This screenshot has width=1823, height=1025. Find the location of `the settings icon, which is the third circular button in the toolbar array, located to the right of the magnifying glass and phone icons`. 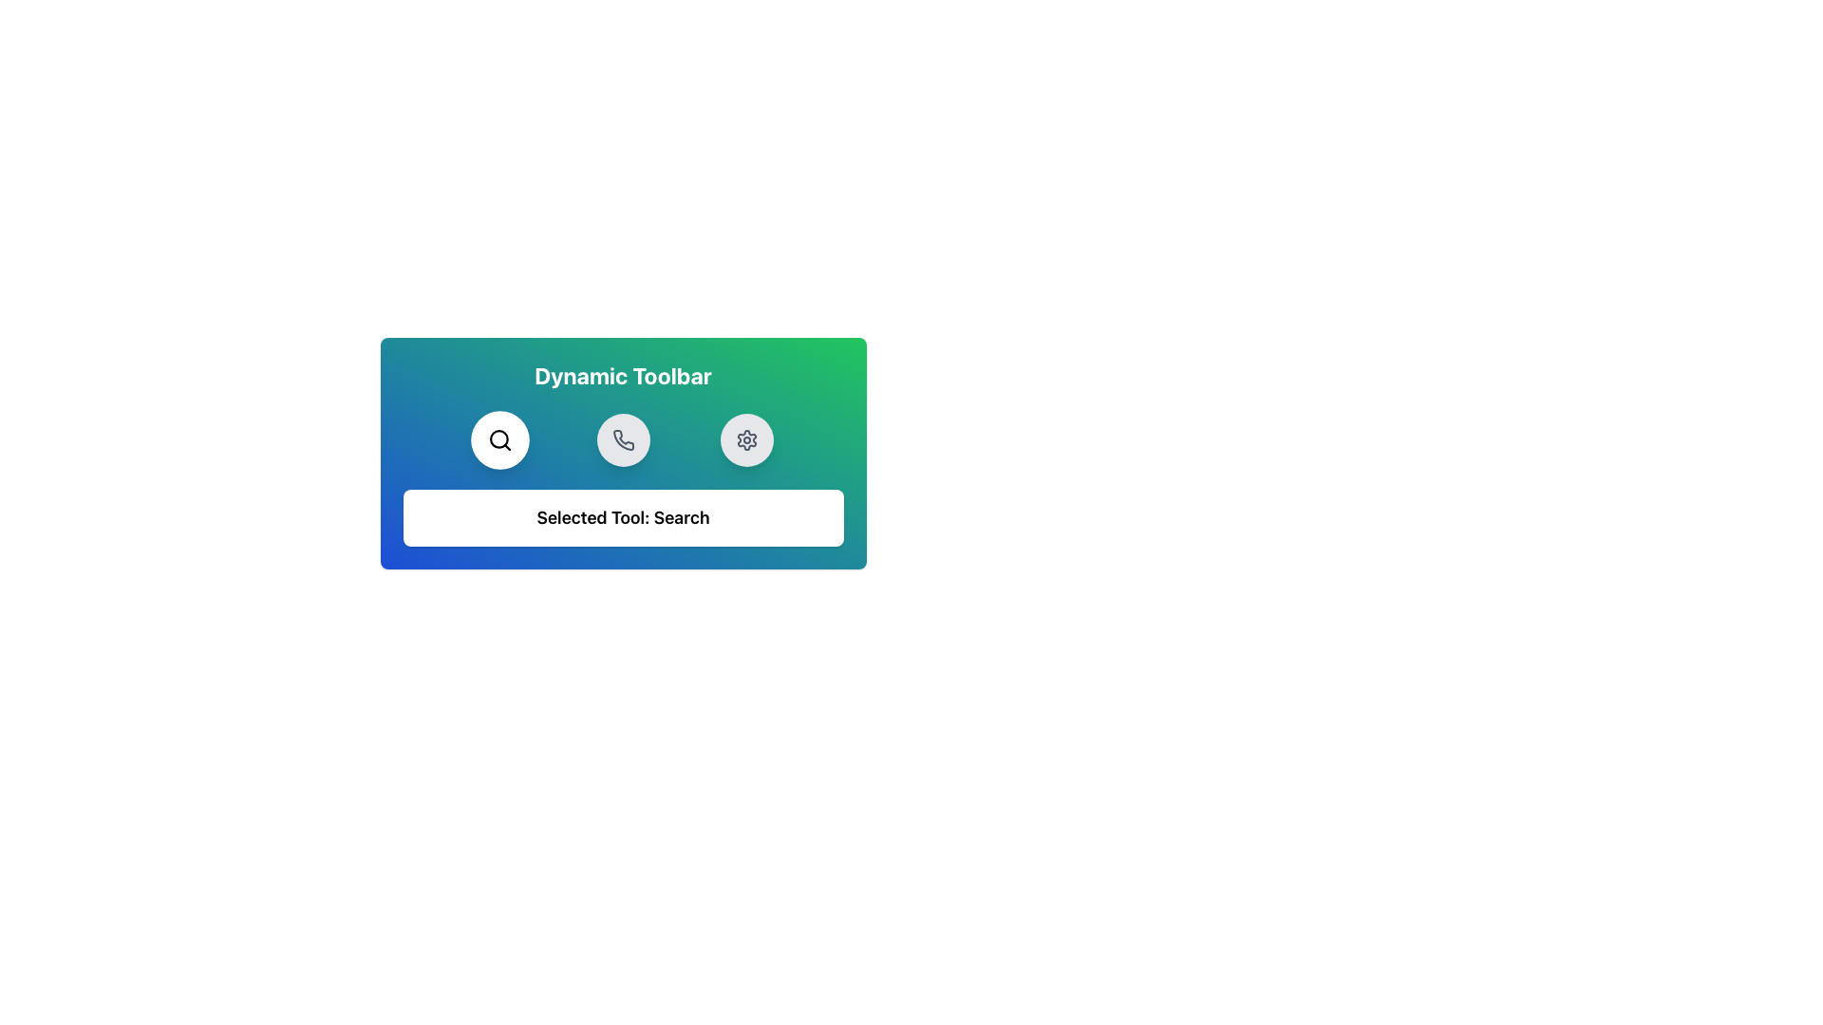

the settings icon, which is the third circular button in the toolbar array, located to the right of the magnifying glass and phone icons is located at coordinates (745, 439).